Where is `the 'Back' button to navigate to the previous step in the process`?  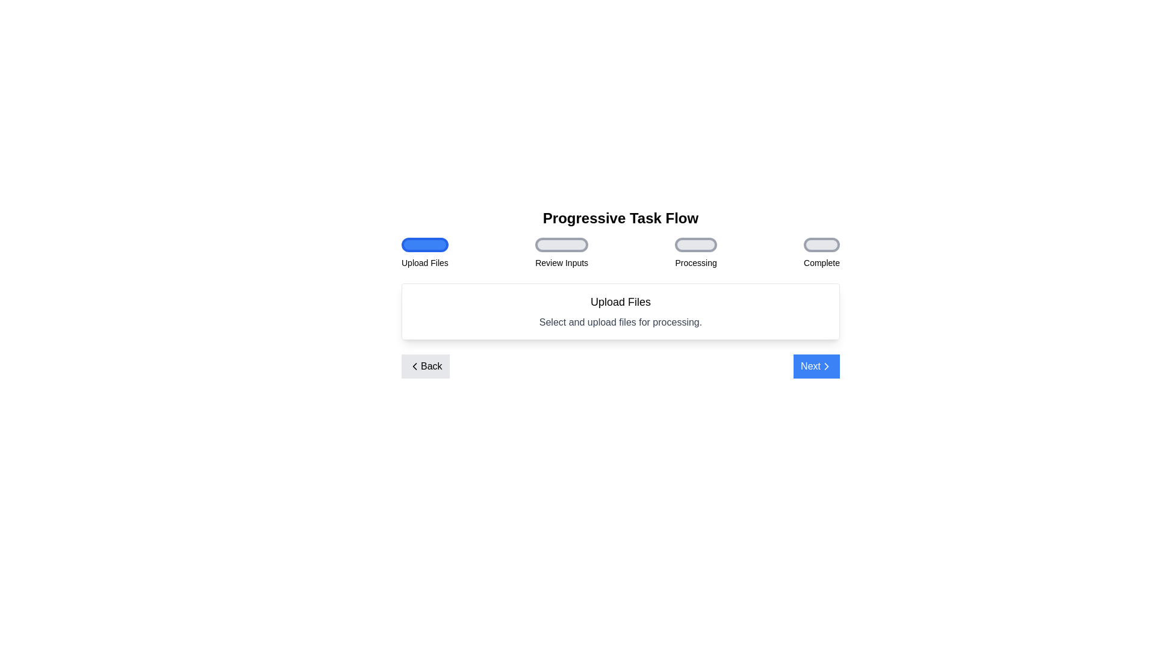
the 'Back' button to navigate to the previous step in the process is located at coordinates (425, 366).